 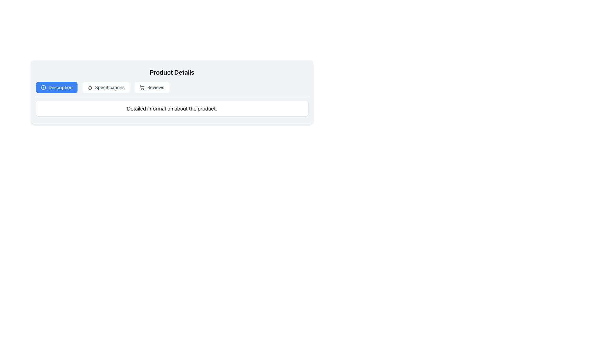 What do you see at coordinates (43, 87) in the screenshot?
I see `the informational icon located to the left of the 'Description' text in the navigation tab group to trigger a tooltip` at bounding box center [43, 87].